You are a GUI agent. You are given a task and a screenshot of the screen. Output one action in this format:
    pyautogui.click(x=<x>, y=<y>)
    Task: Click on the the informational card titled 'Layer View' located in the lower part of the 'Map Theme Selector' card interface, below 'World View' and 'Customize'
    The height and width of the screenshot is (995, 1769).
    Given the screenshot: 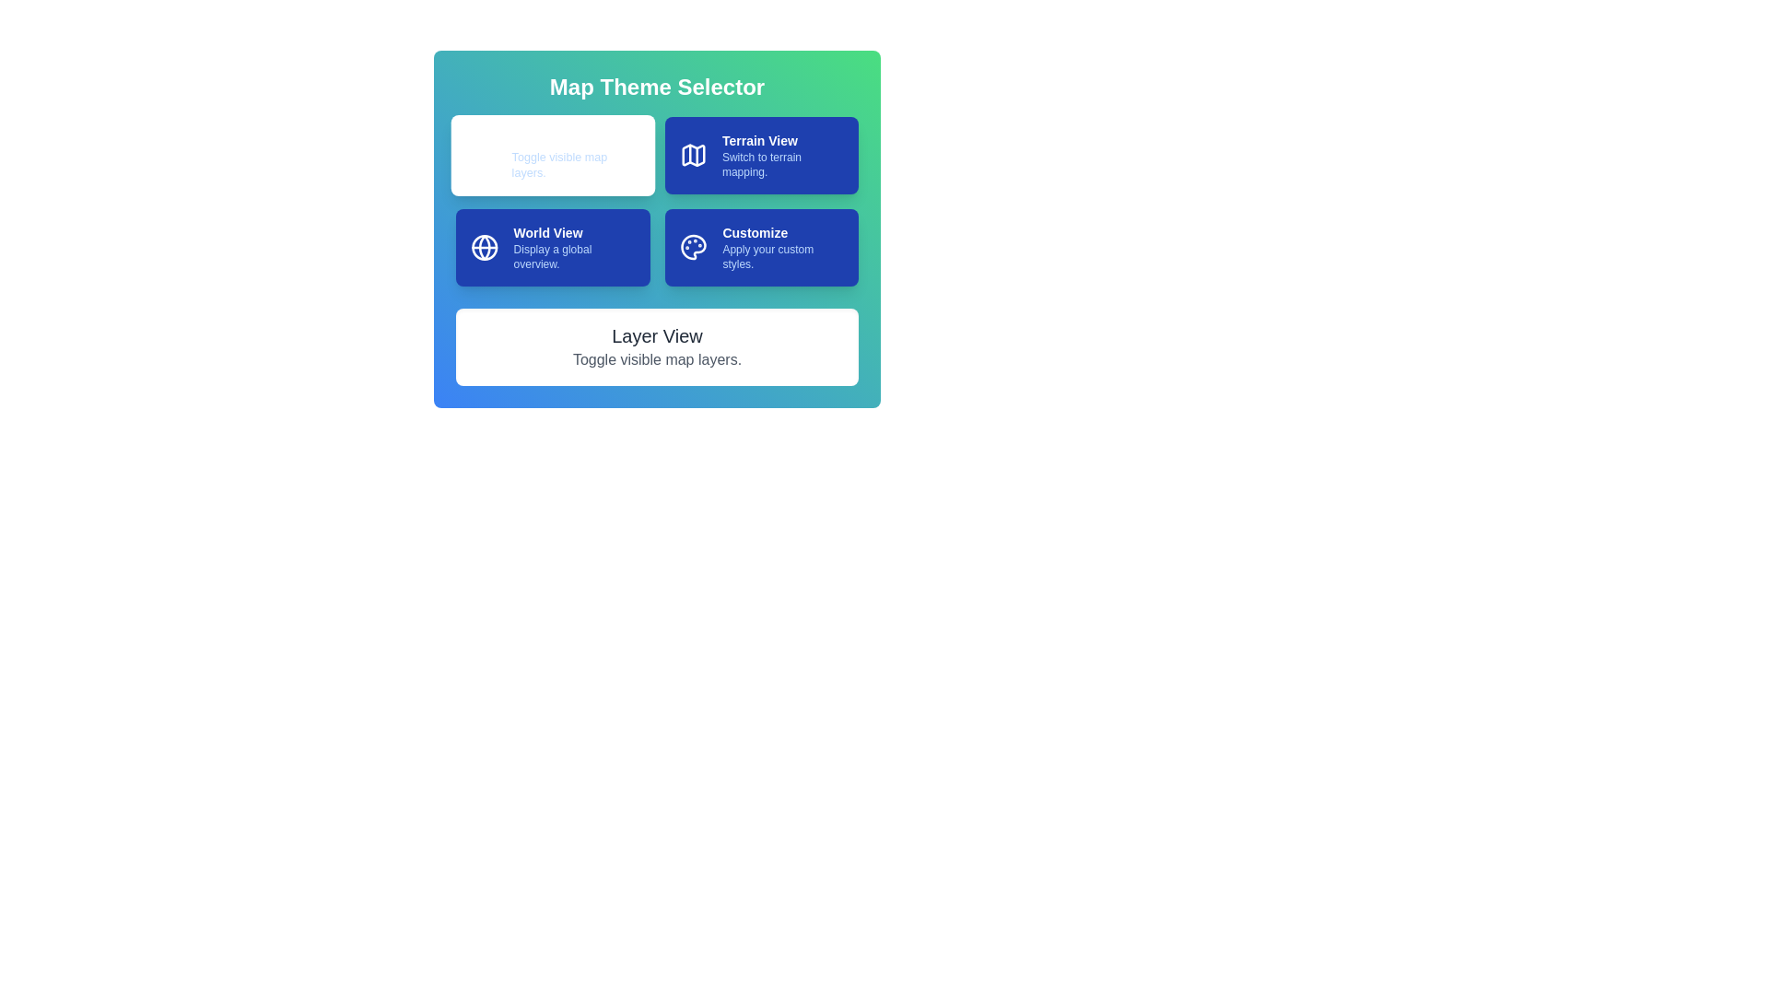 What is the action you would take?
    pyautogui.click(x=657, y=347)
    